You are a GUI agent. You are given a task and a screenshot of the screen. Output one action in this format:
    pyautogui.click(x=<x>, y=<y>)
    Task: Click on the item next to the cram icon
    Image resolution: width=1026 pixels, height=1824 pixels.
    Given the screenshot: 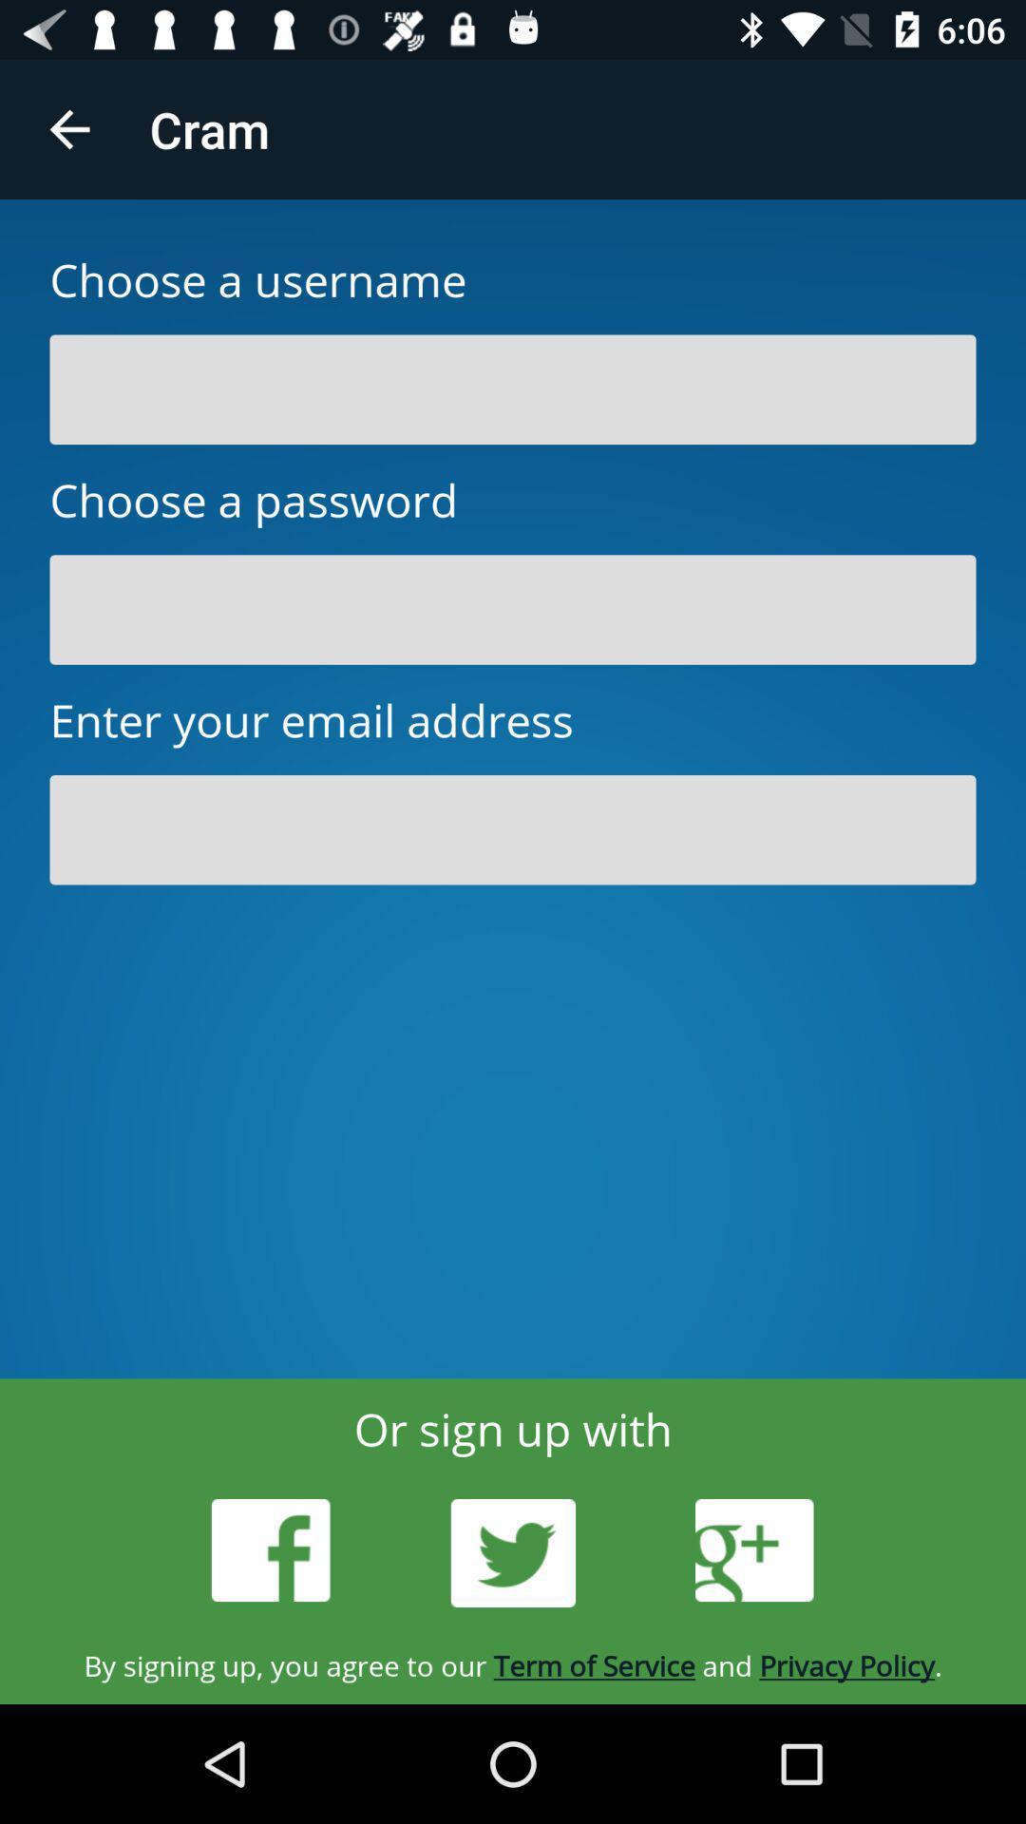 What is the action you would take?
    pyautogui.click(x=68, y=128)
    